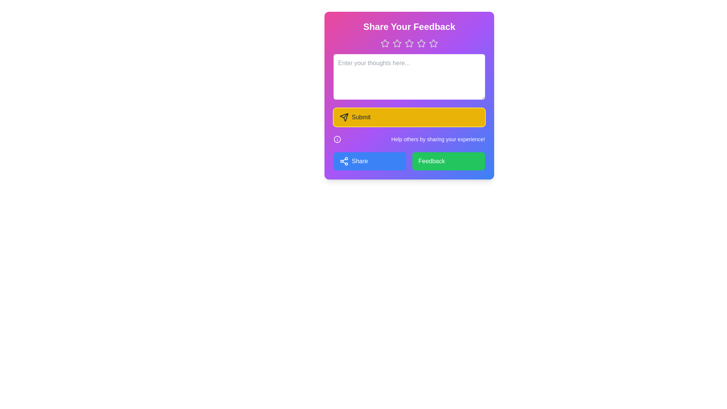  I want to click on the circular graphic element that is part of an icon located below the Submit button and above the Share and Feedback buttons, so click(337, 139).